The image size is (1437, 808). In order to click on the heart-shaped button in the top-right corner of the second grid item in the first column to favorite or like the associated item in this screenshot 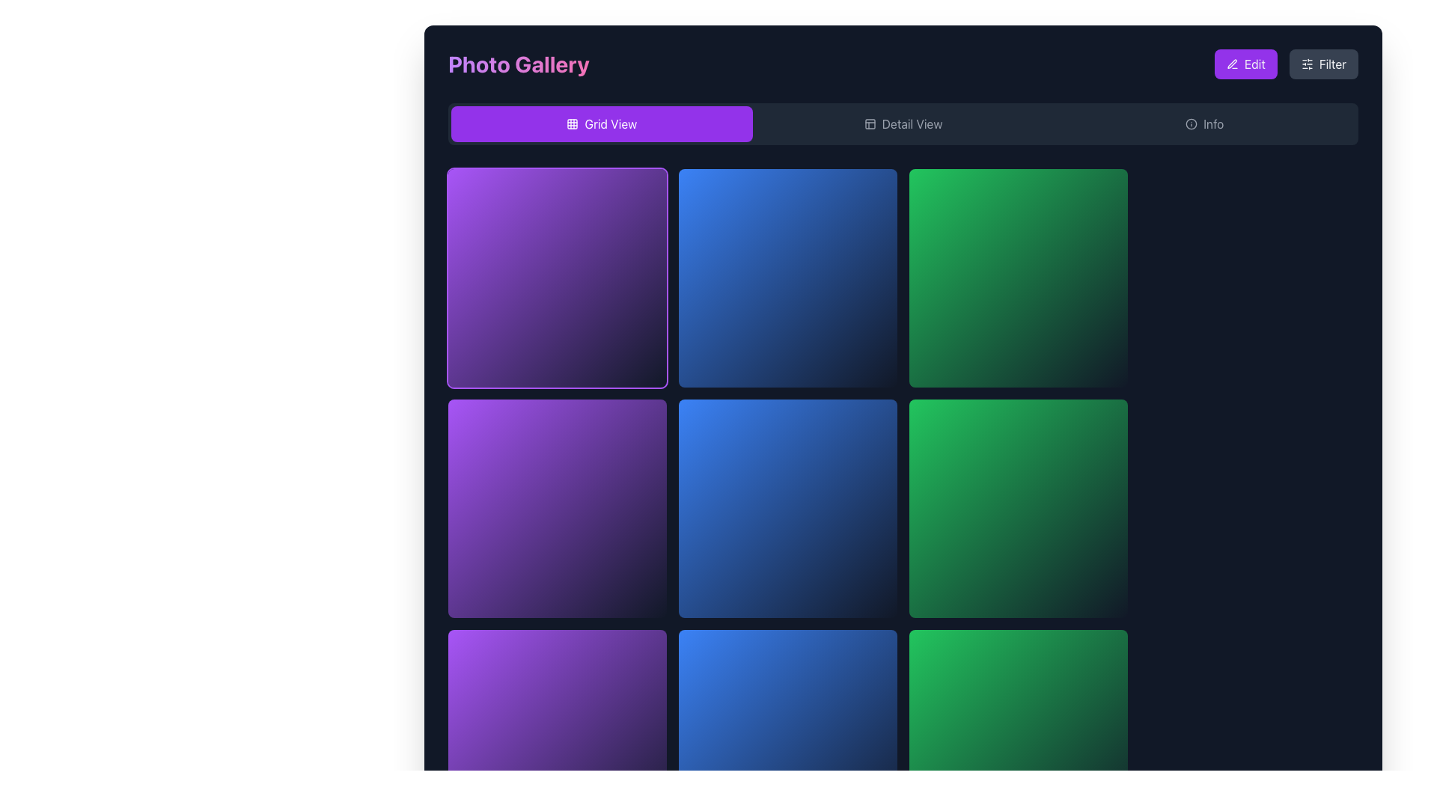, I will do `click(649, 417)`.